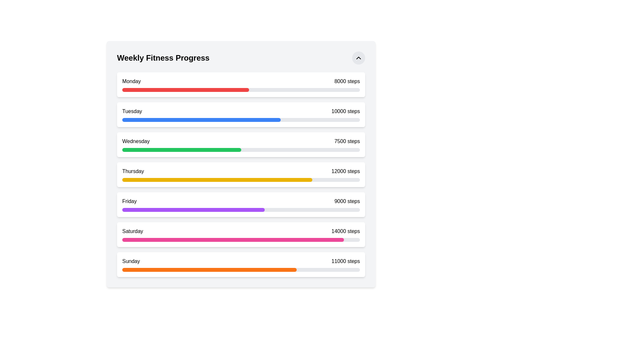 Image resolution: width=626 pixels, height=352 pixels. Describe the element at coordinates (347, 141) in the screenshot. I see `the Text Label displaying the number of steps taken on Wednesday, which is aligned with the green progress bar and positioned between Tuesday and Thursday in the weekly summary` at that location.